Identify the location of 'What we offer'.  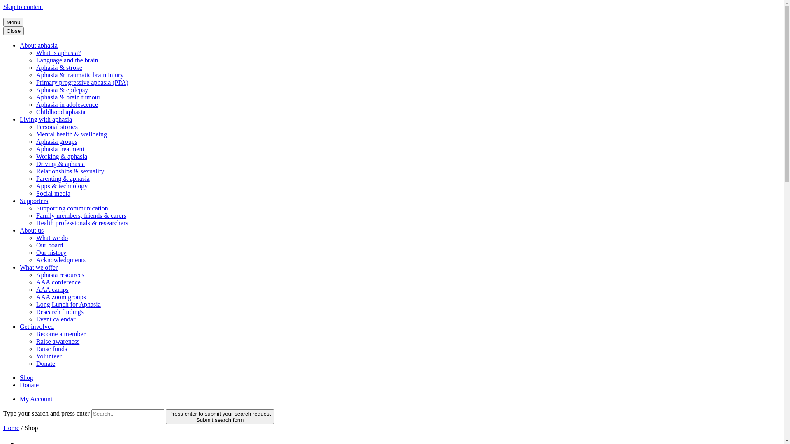
(38, 267).